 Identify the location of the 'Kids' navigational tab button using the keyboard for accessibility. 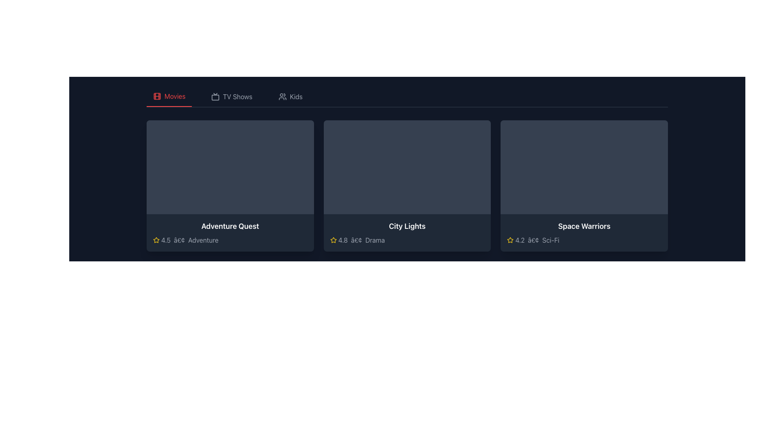
(290, 96).